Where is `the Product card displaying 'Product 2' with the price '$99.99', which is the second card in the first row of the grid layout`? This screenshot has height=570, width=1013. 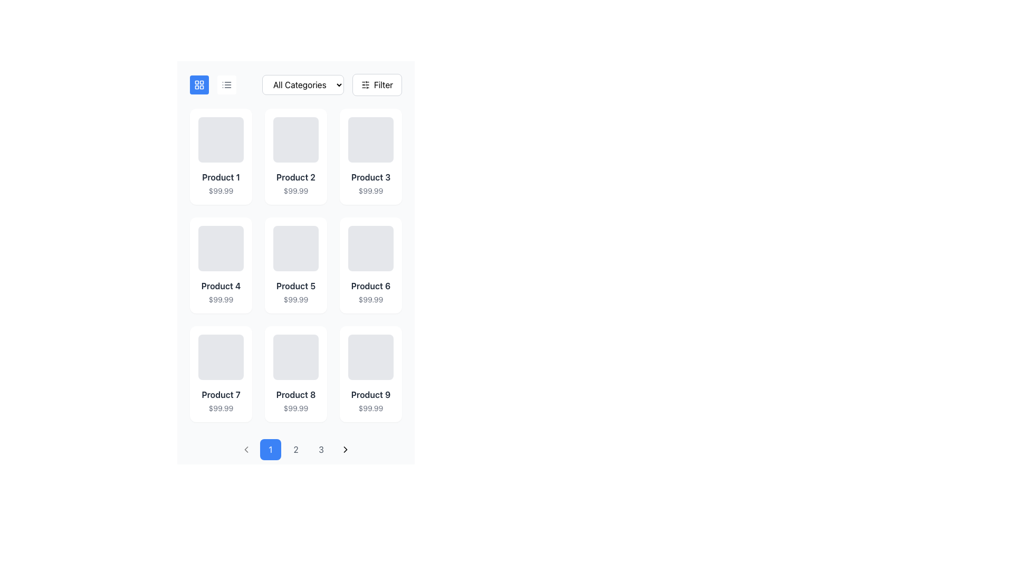 the Product card displaying 'Product 2' with the price '$99.99', which is the second card in the first row of the grid layout is located at coordinates (295, 157).